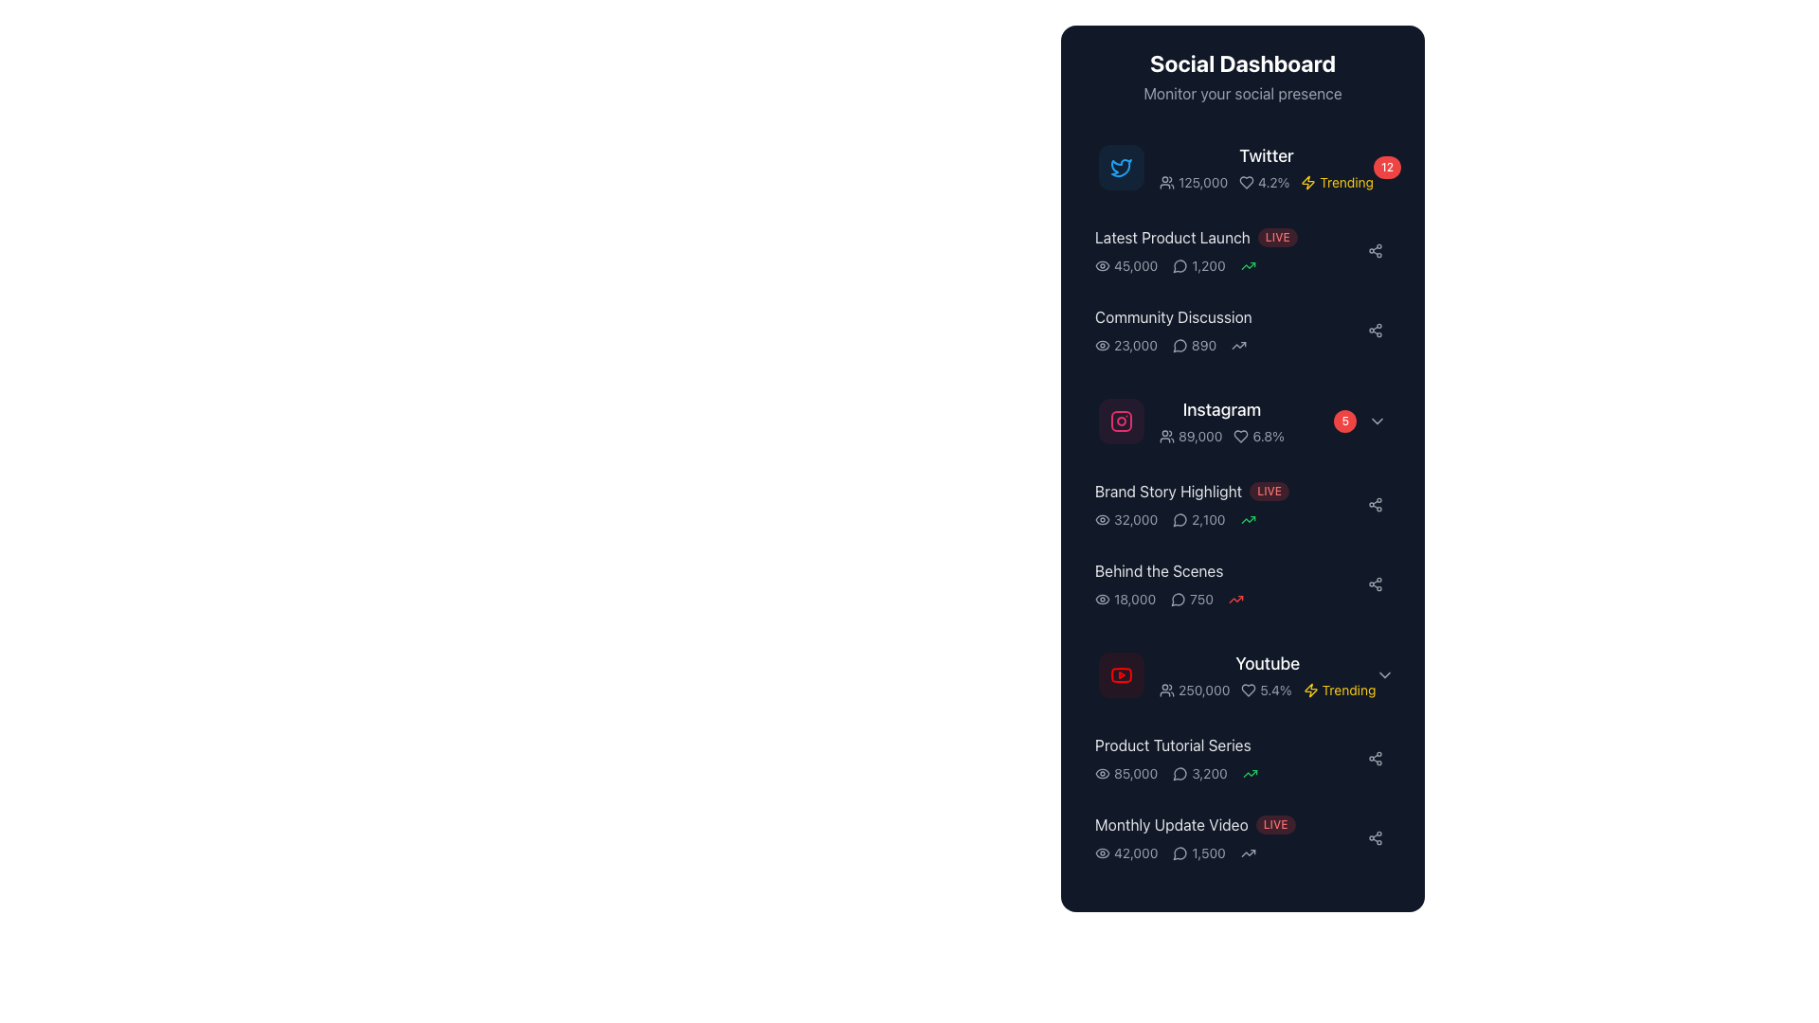 The height and width of the screenshot is (1023, 1819). Describe the element at coordinates (1248, 519) in the screenshot. I see `the upward trend icon in the 'Brand Story Highlight' section, which is the third component and located to the right of the value '2,100'` at that location.